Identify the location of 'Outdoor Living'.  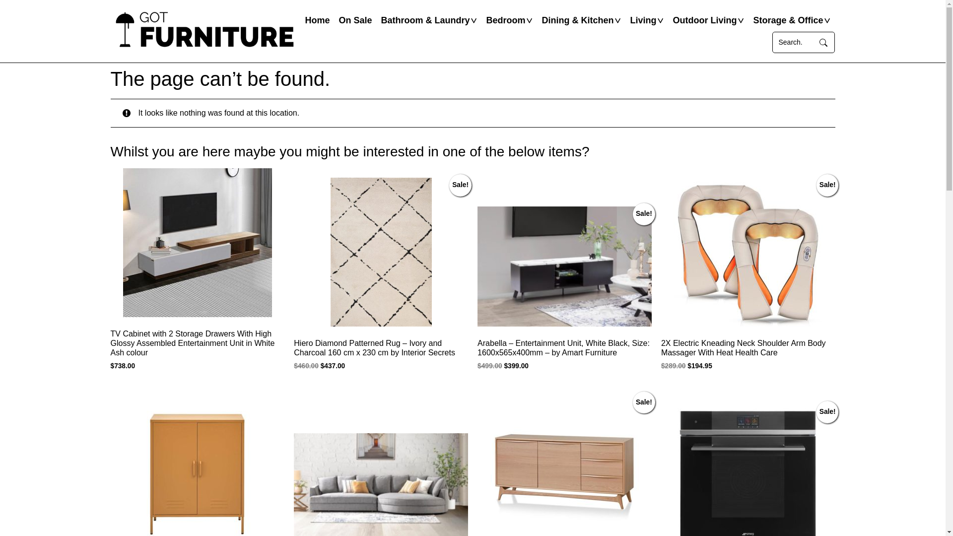
(704, 20).